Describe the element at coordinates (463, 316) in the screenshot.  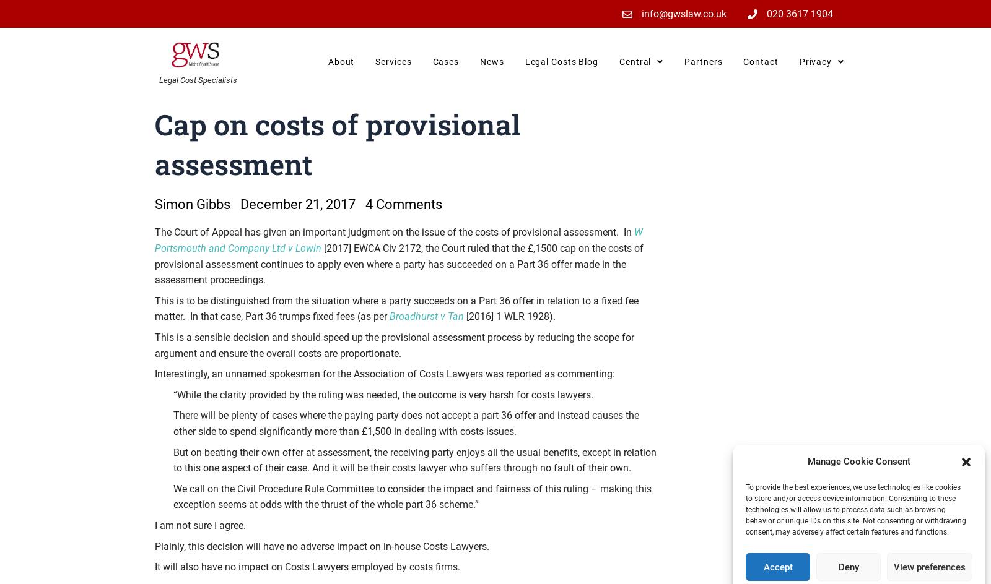
I see `'[2016] 1 WLR 1928).'` at that location.